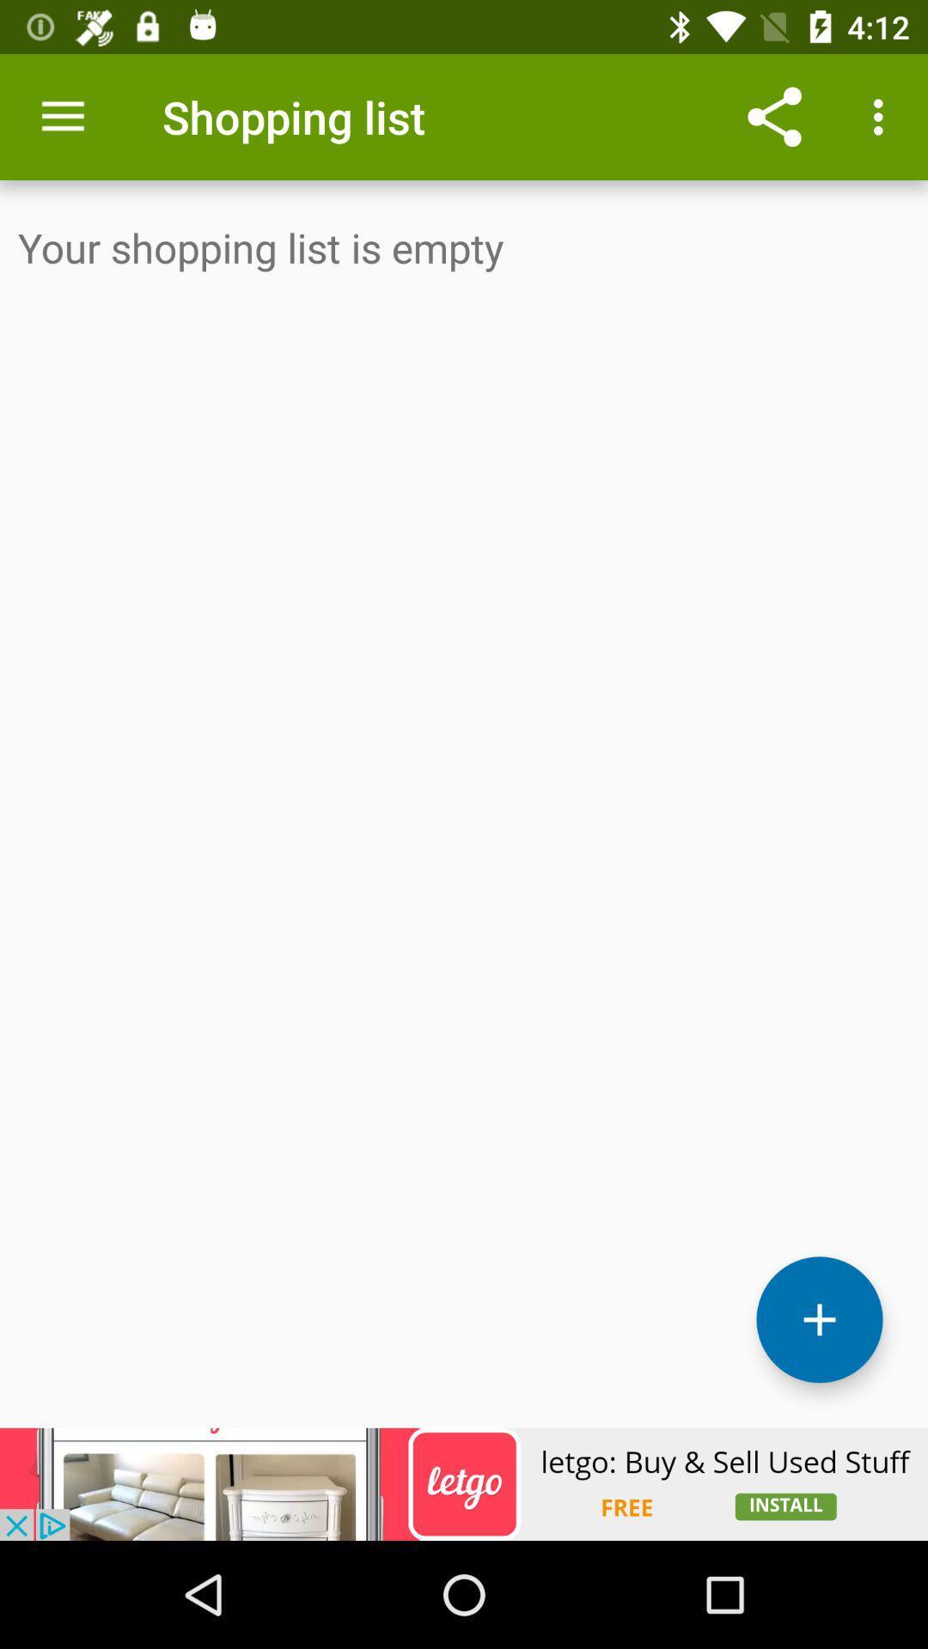 Image resolution: width=928 pixels, height=1649 pixels. Describe the element at coordinates (818, 1318) in the screenshot. I see `item` at that location.